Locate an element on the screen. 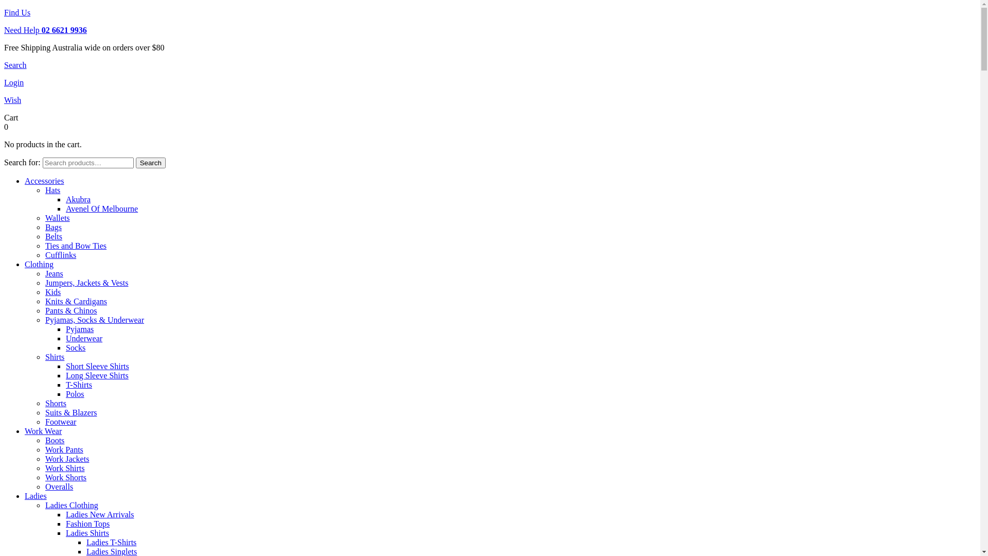  'Socks' is located at coordinates (75, 347).